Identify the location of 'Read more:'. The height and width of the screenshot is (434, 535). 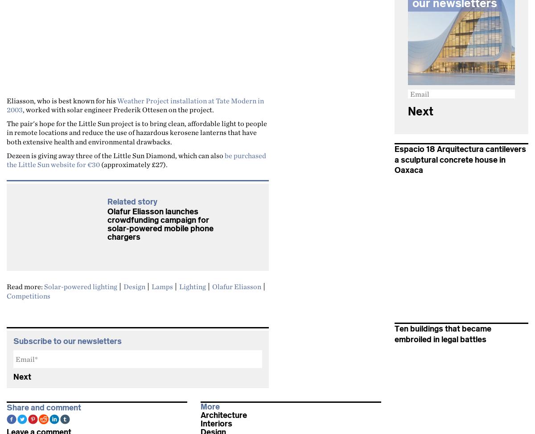
(25, 286).